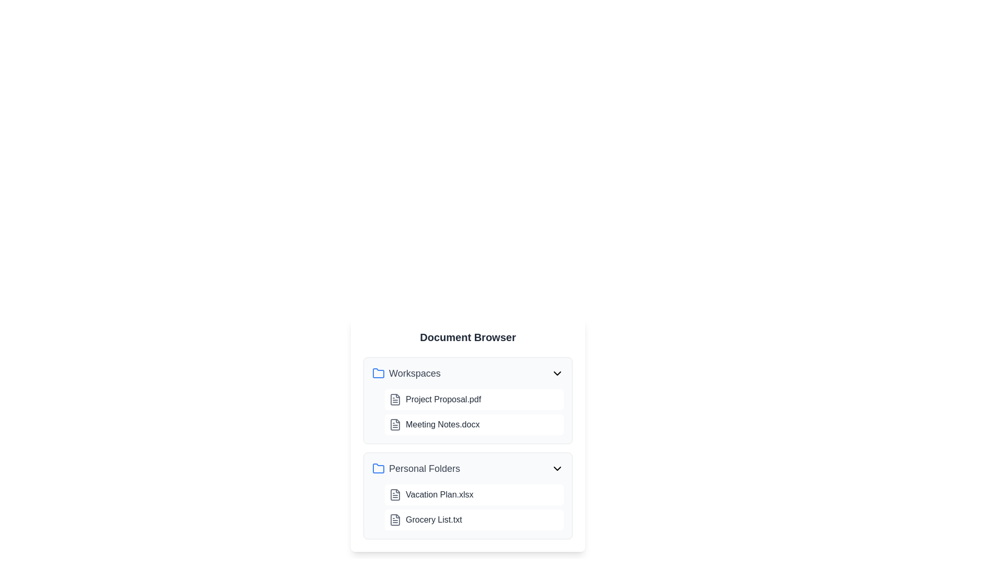 Image resolution: width=1004 pixels, height=565 pixels. What do you see at coordinates (414, 372) in the screenshot?
I see `label 'Workspaces' to identify the associated folder structure in the Document Browser interface` at bounding box center [414, 372].